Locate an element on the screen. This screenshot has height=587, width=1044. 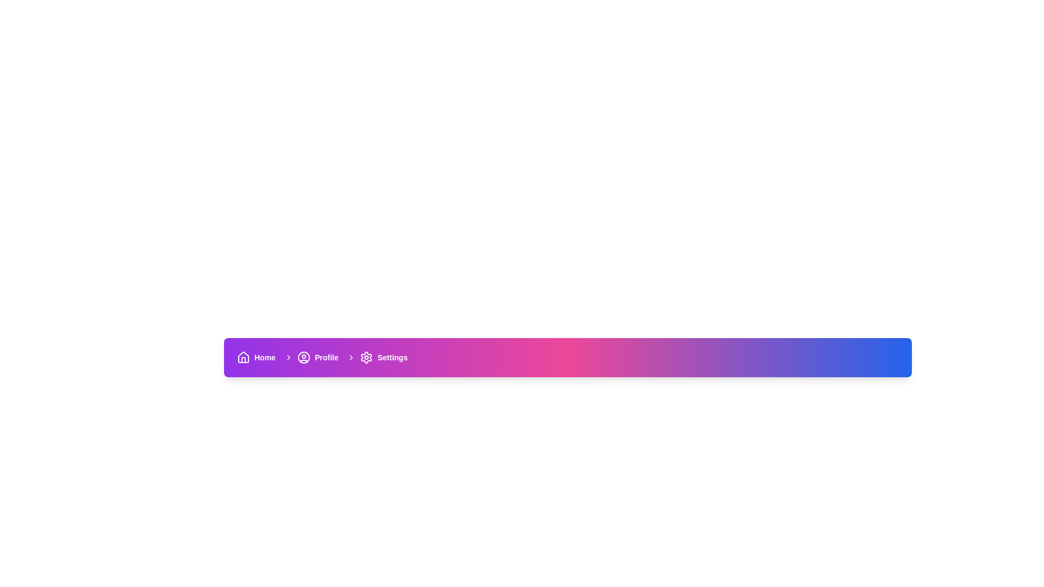
the circular avatar silhouette icon located in the navigation bar is located at coordinates (303, 358).